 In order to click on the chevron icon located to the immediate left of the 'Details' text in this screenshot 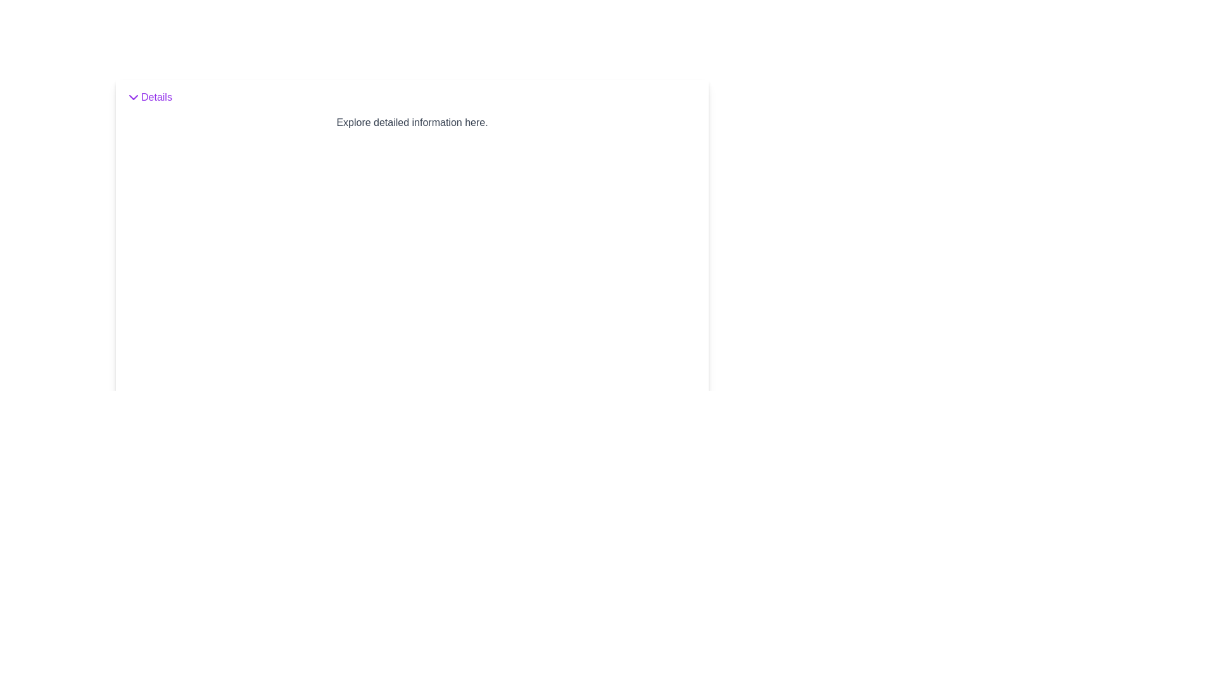, I will do `click(134, 97)`.